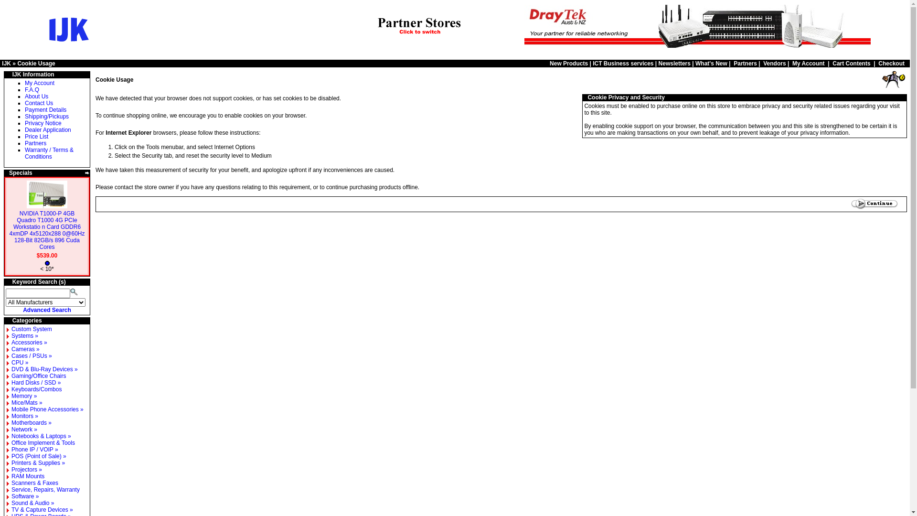 The height and width of the screenshot is (516, 917). I want to click on 'Cart Contents', so click(851, 63).